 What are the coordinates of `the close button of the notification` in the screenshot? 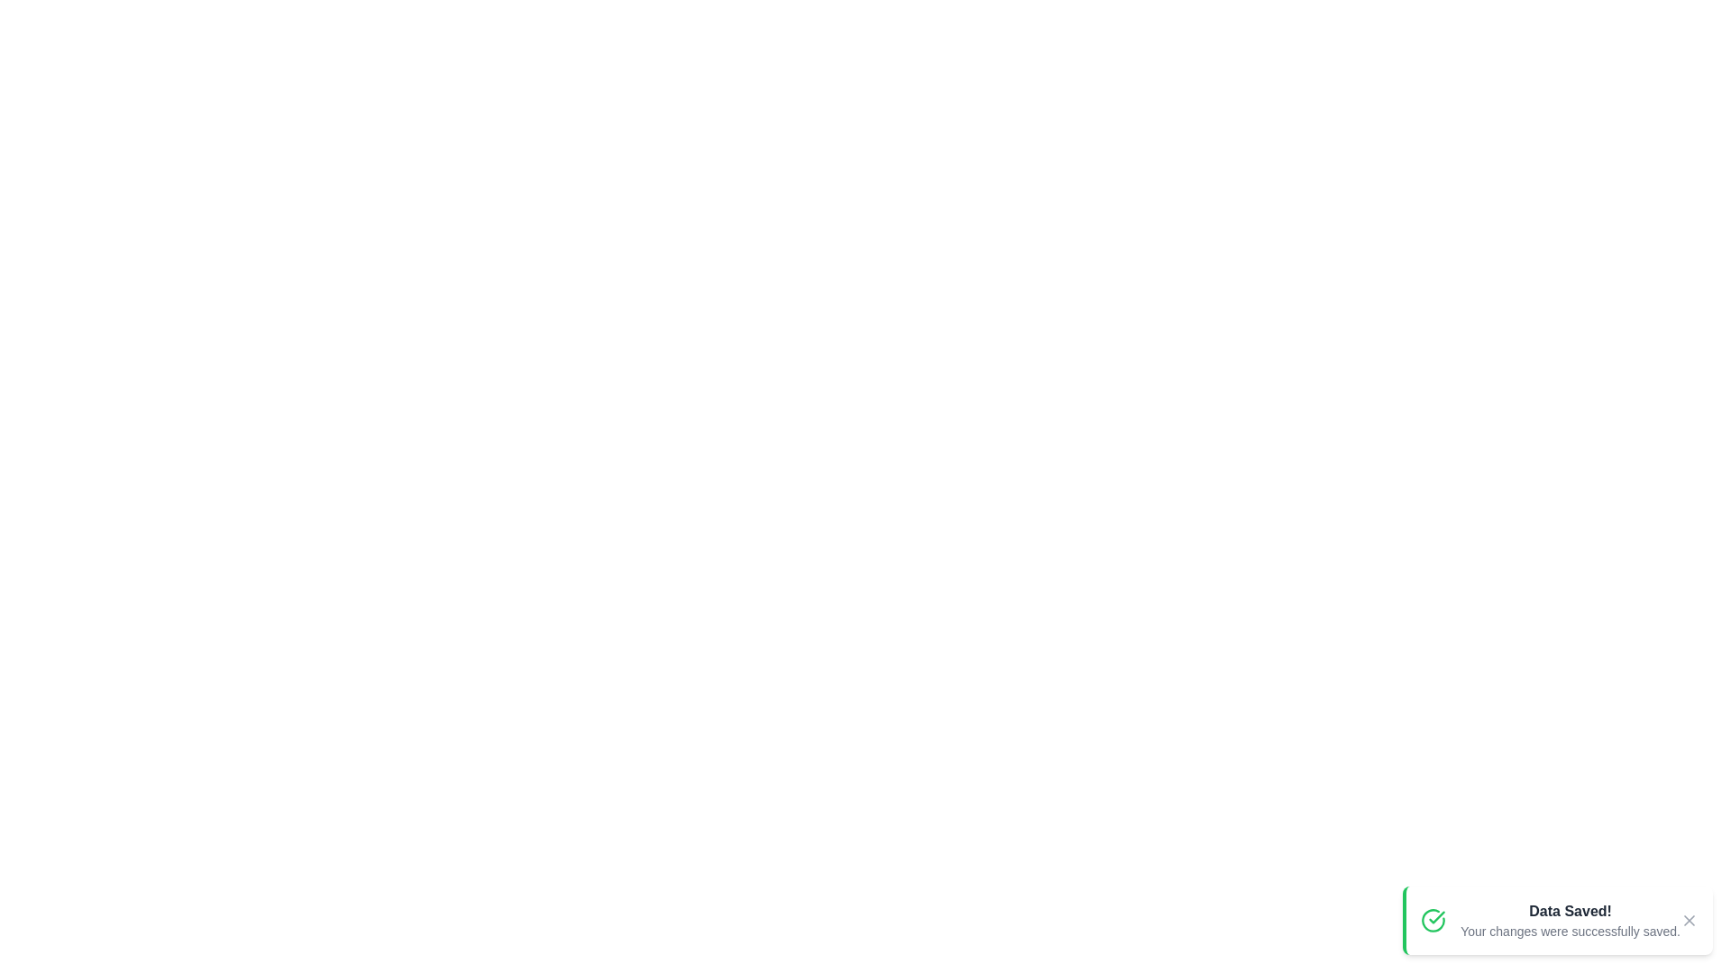 It's located at (1688, 921).